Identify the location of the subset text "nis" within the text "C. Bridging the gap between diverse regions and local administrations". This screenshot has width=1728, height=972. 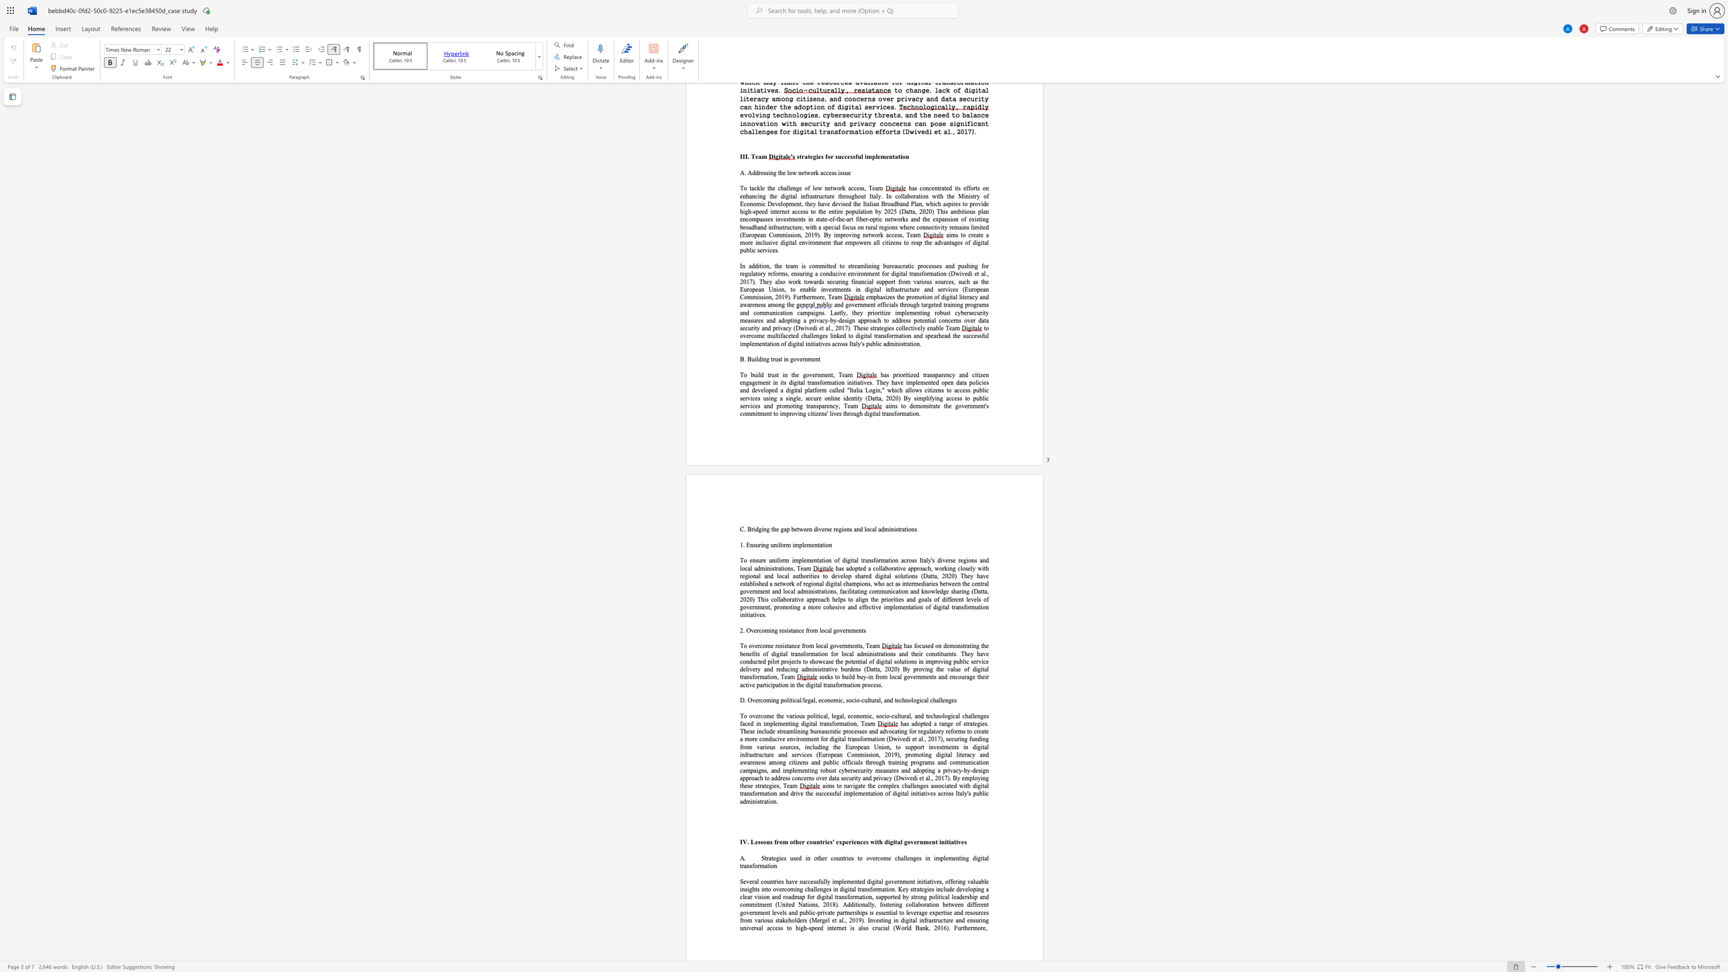
(890, 529).